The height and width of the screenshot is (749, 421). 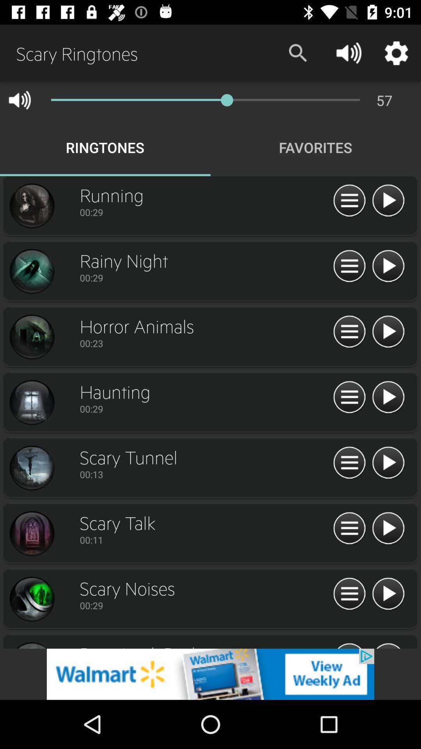 I want to click on play, so click(x=388, y=529).